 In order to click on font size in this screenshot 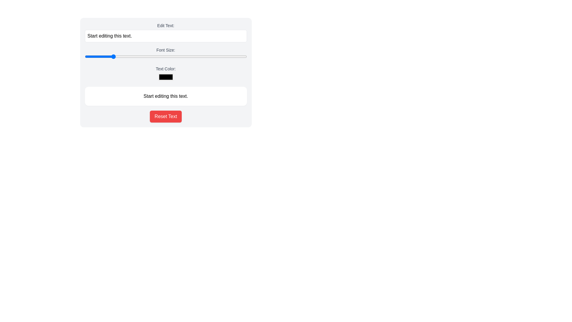, I will do `click(118, 56)`.